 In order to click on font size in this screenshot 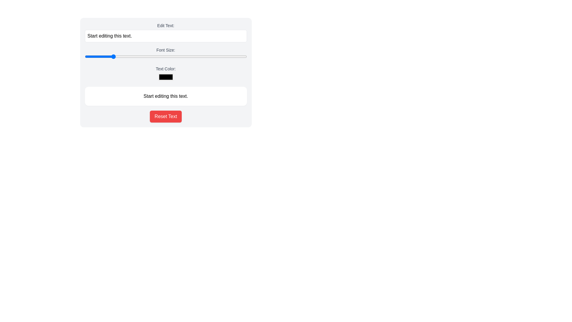, I will do `click(118, 56)`.